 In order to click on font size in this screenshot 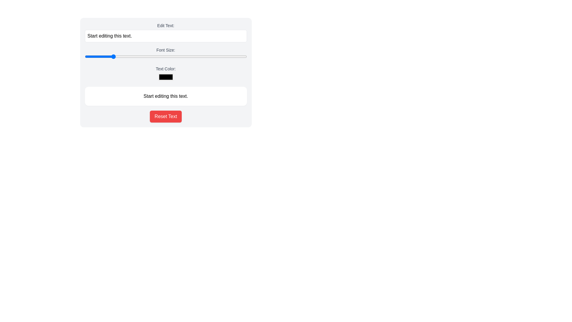, I will do `click(118, 56)`.